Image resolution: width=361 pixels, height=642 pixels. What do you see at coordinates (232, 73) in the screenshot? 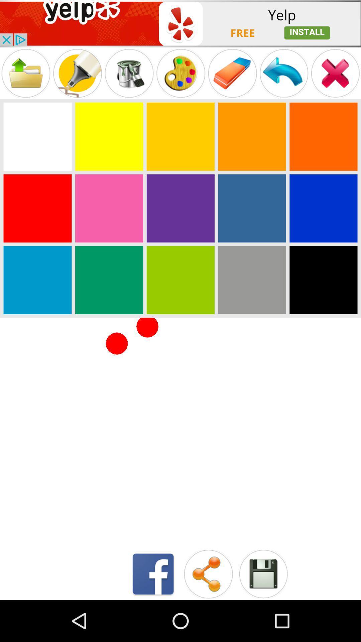
I see `use eraser` at bounding box center [232, 73].